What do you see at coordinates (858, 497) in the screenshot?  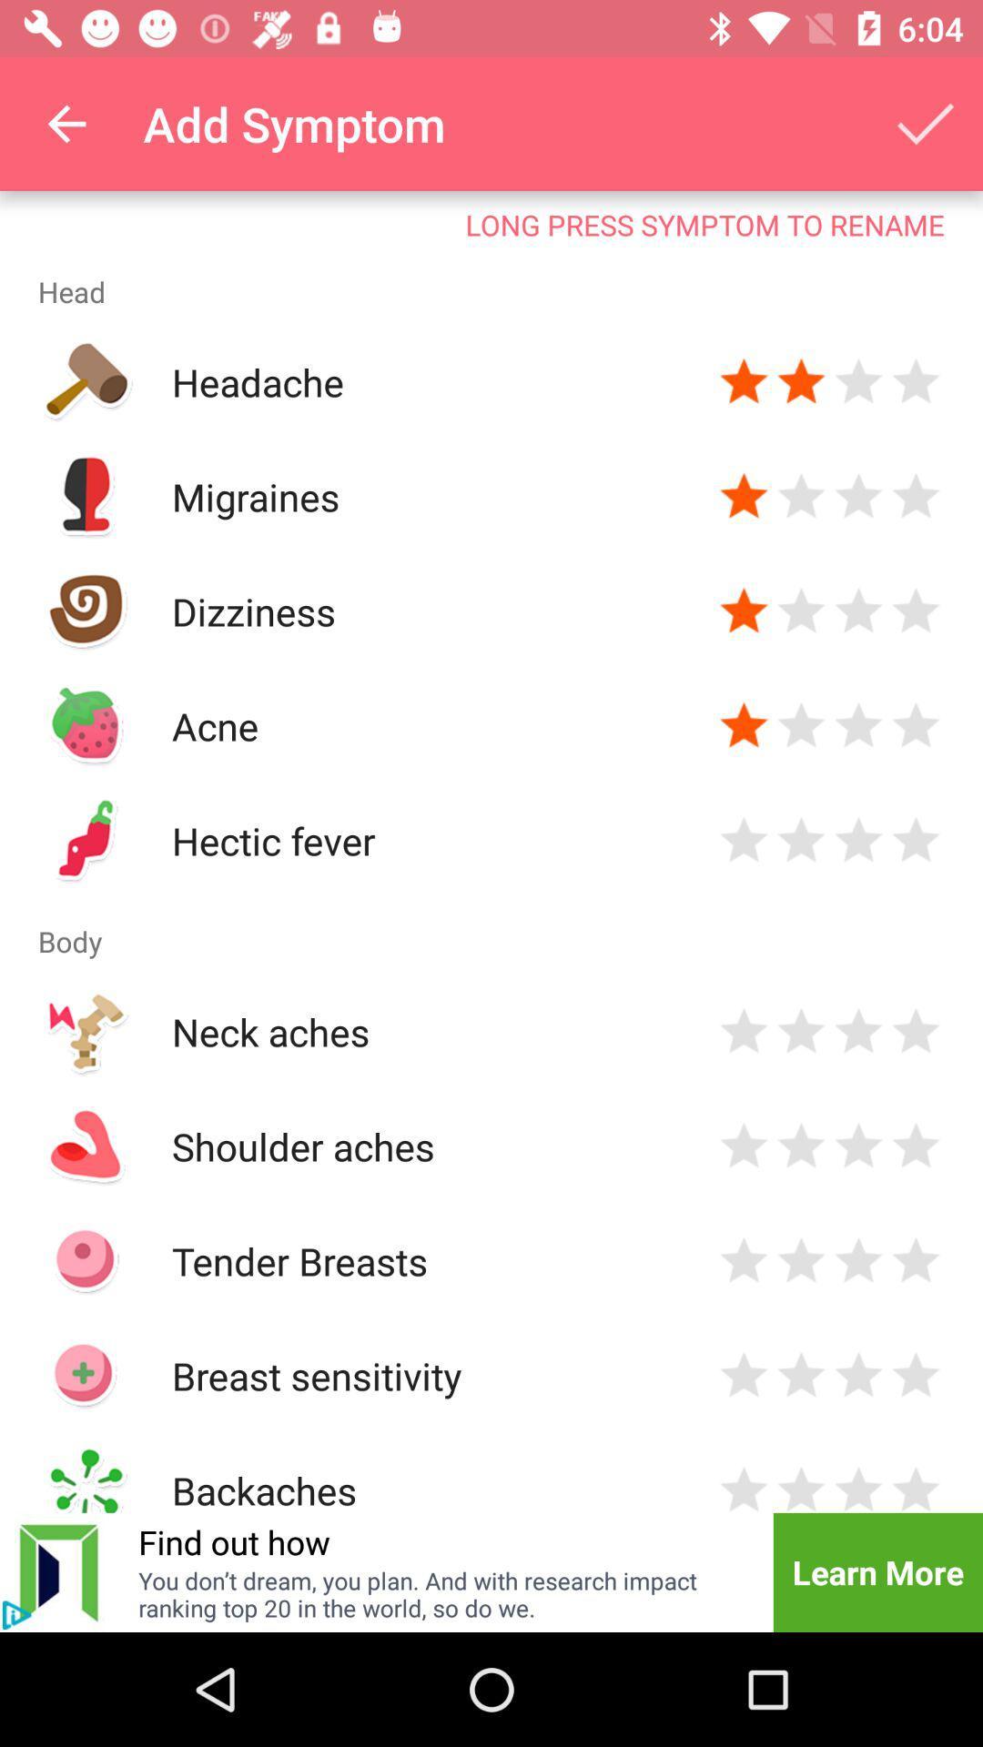 I see `put three stars to migraines` at bounding box center [858, 497].